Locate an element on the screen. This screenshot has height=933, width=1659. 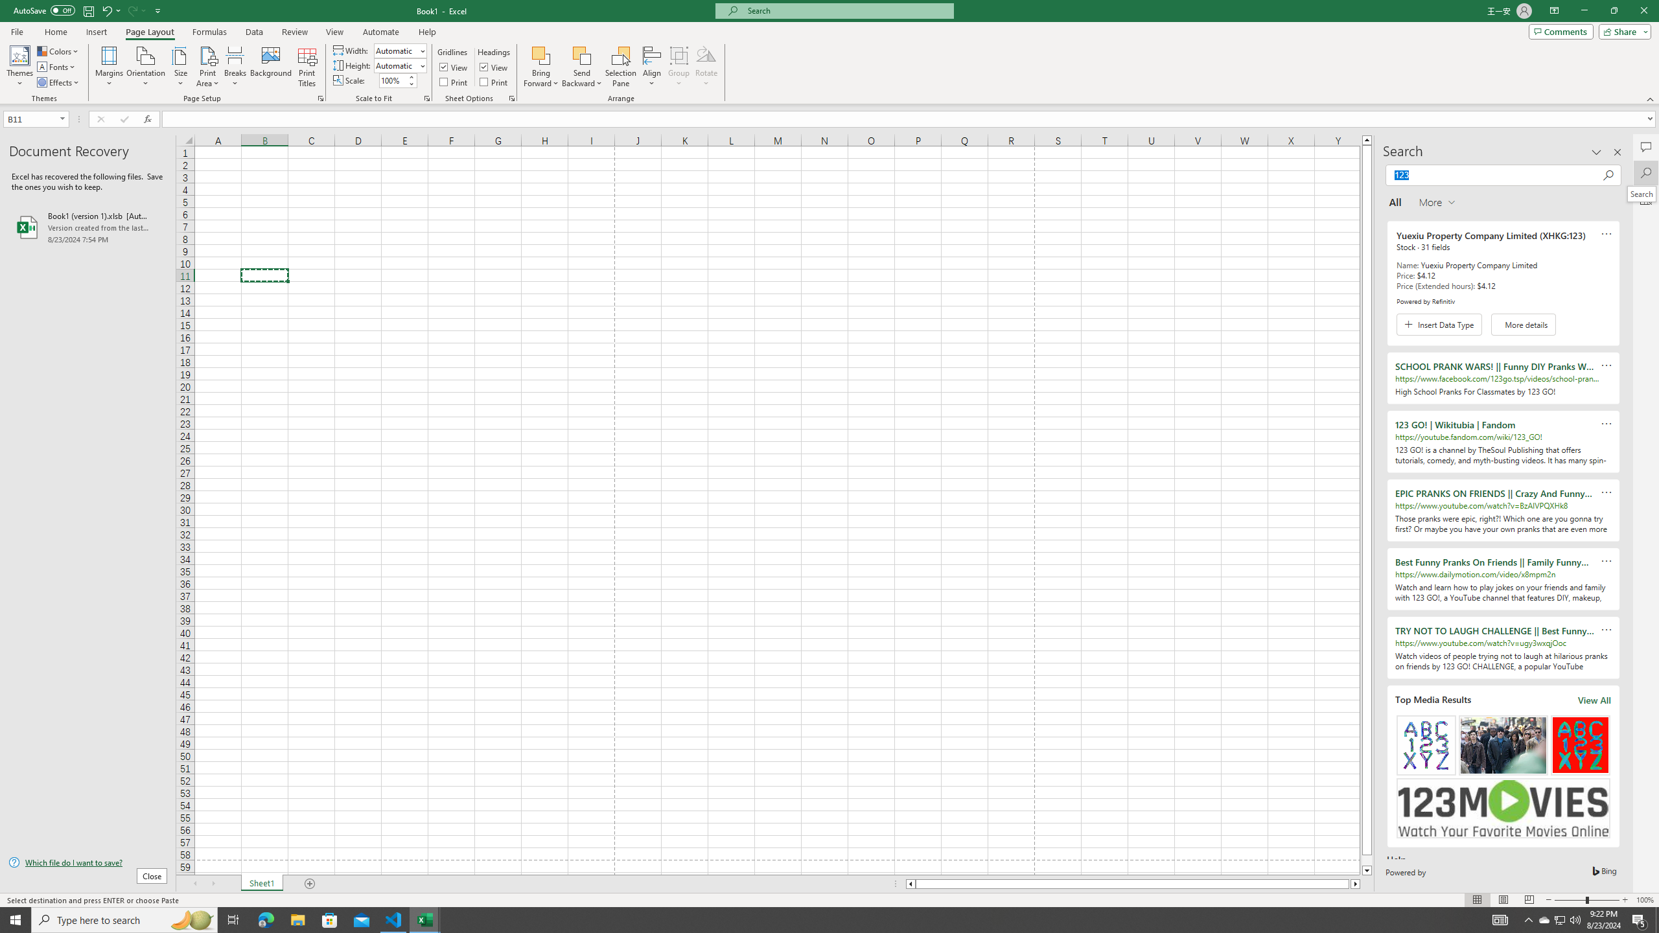
'Scale' is located at coordinates (393, 80).